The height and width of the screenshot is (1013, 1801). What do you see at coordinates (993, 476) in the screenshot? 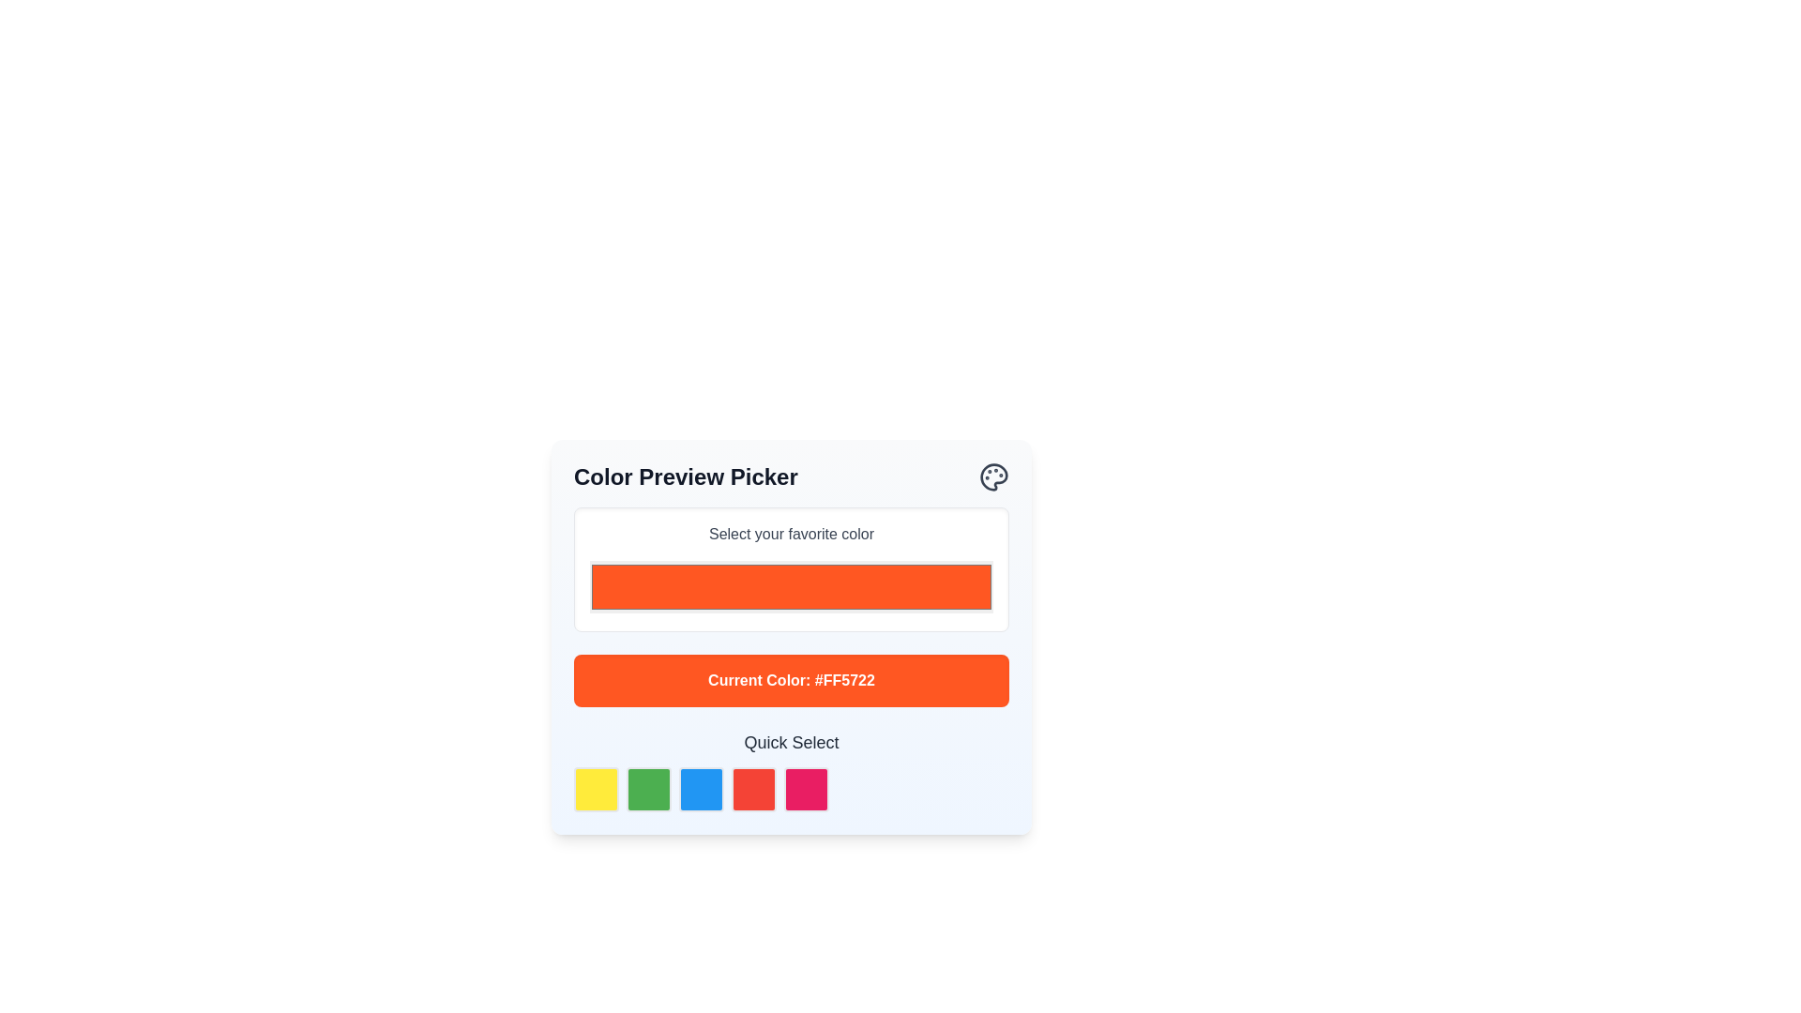
I see `the icon located at the top-right corner of the 'Color Preview Picker' interface` at bounding box center [993, 476].